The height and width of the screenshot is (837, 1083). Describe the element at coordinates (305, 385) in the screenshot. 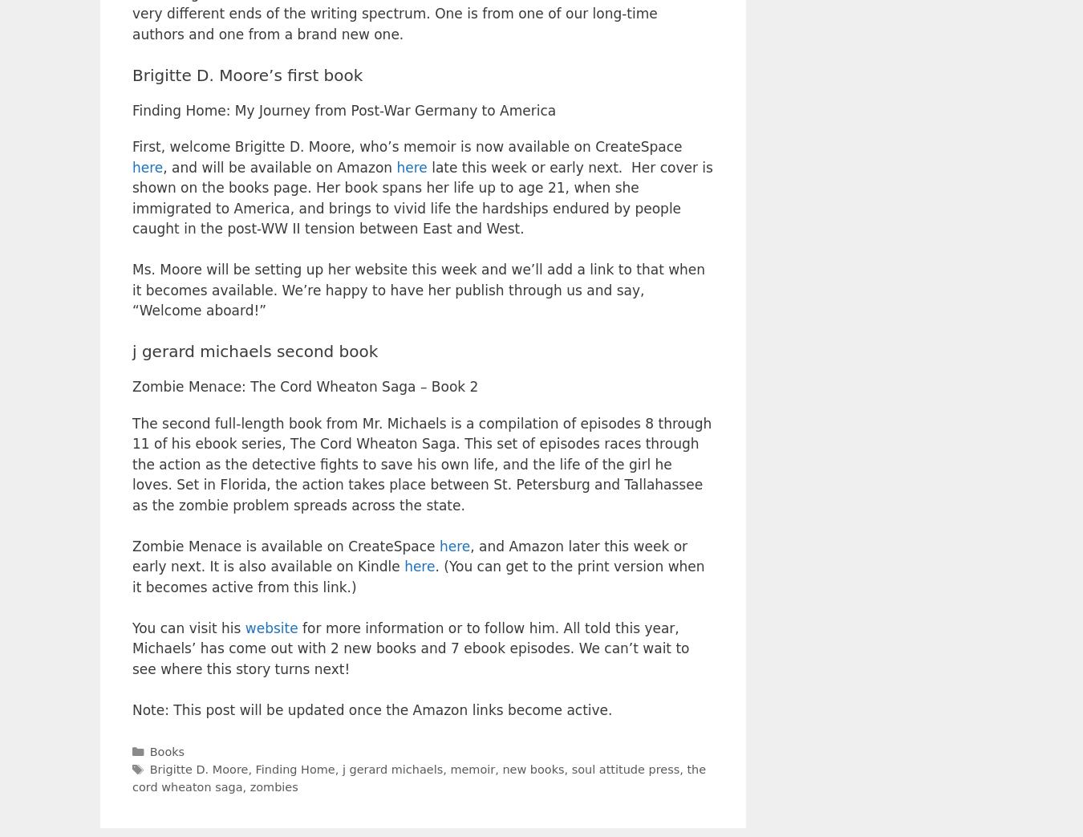

I see `'Zombie Menace: The Cord Wheaton Saga – Book 2'` at that location.